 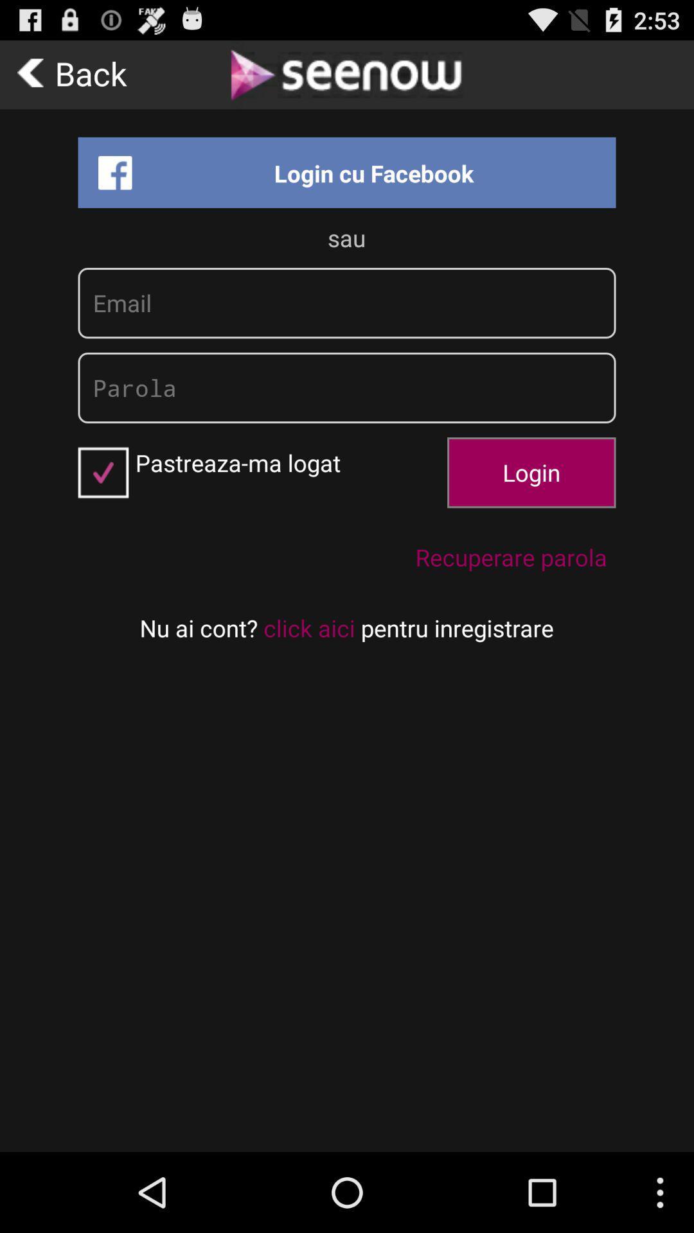 I want to click on email field, so click(x=347, y=302).